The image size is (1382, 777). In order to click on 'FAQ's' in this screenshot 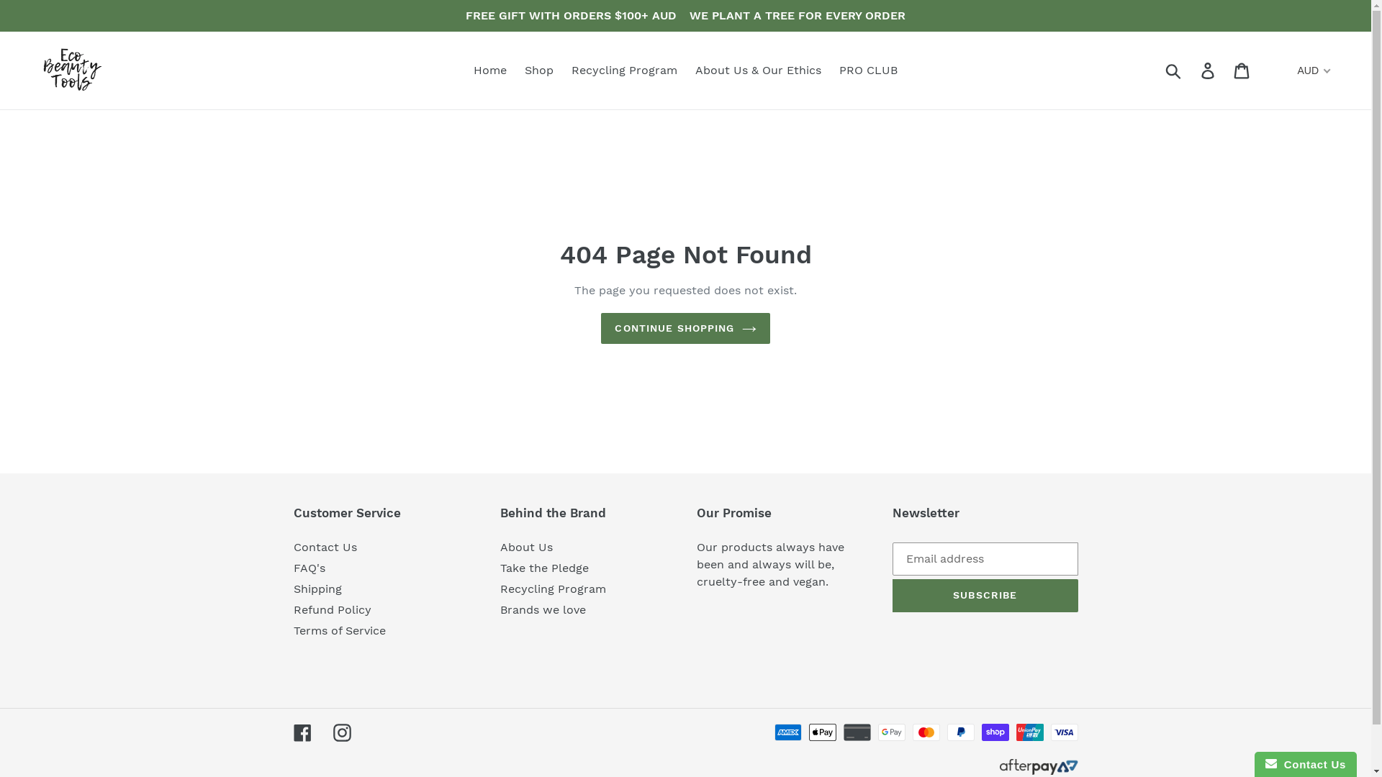, I will do `click(309, 567)`.